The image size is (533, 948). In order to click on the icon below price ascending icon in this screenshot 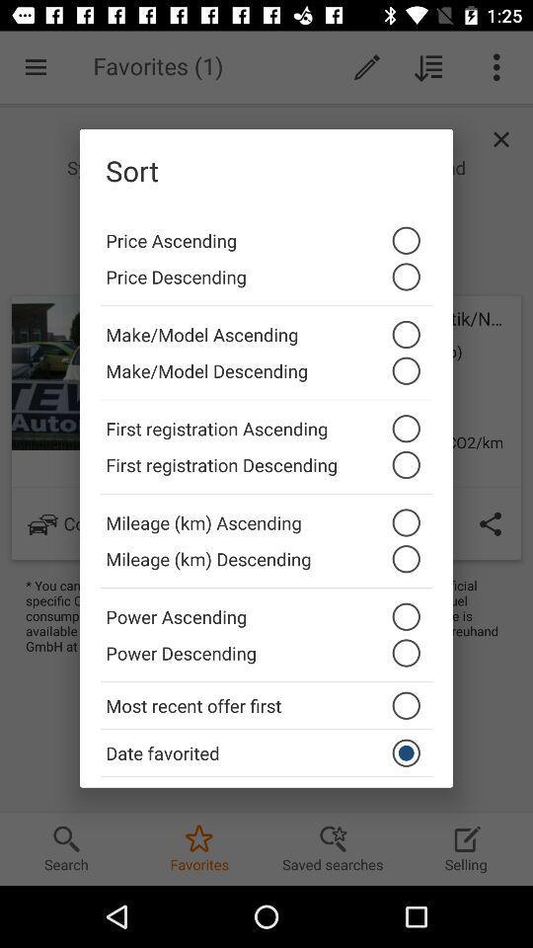, I will do `click(266, 280)`.